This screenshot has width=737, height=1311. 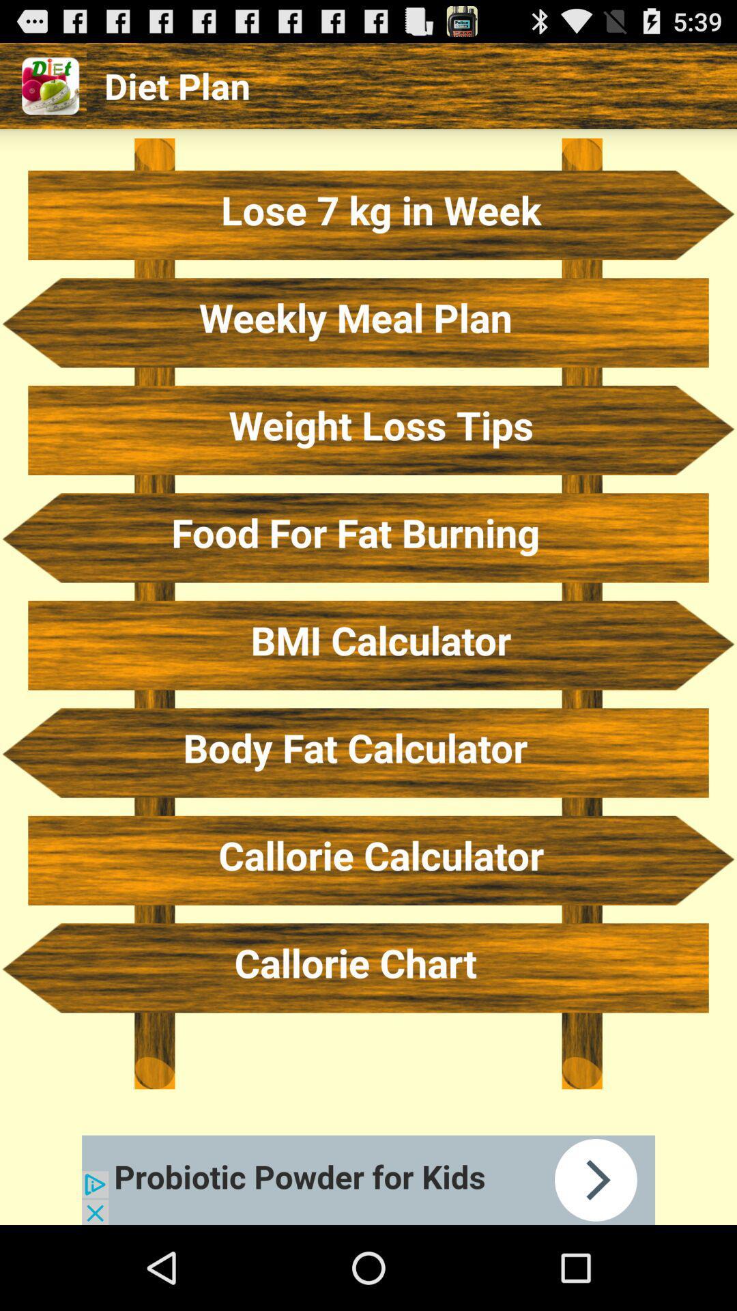 I want to click on sponsored advertisement, so click(x=369, y=1179).